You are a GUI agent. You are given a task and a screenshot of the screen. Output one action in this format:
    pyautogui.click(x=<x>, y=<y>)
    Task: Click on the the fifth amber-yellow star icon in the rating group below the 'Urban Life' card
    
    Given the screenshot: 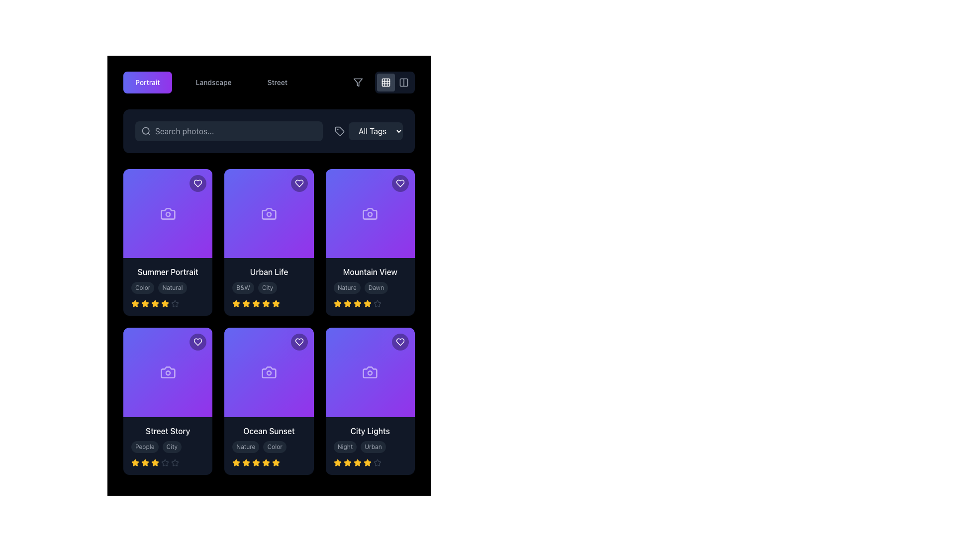 What is the action you would take?
    pyautogui.click(x=266, y=303)
    